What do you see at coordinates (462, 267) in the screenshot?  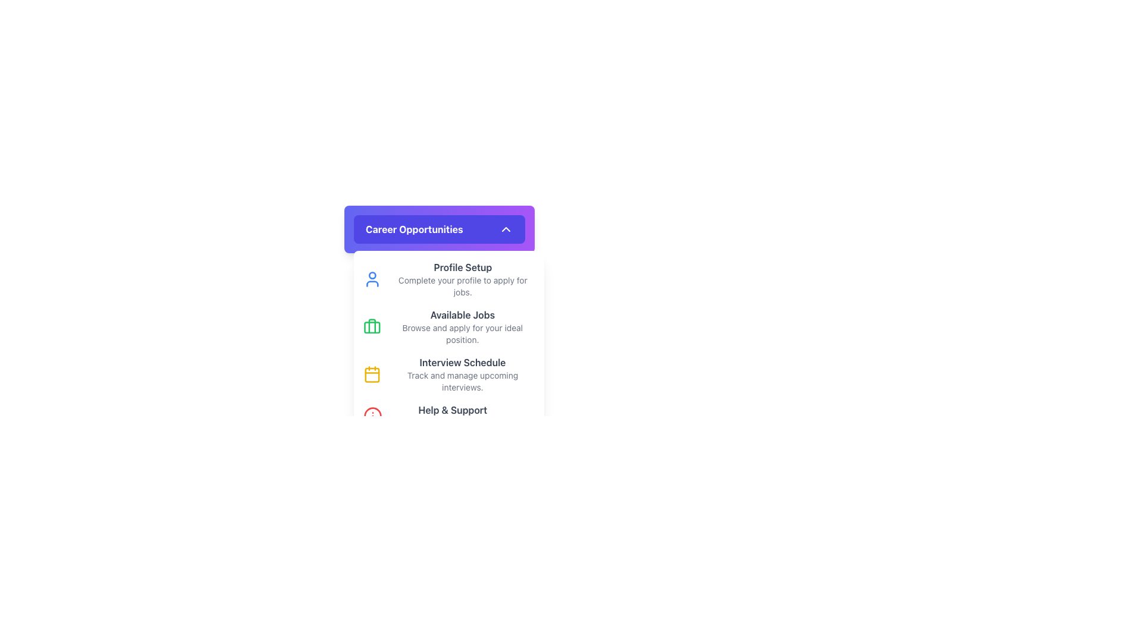 I see `the 'Profile Setup' text, which is the first item in a dropdown list under the 'Career Opportunities' button, prominently styled in bold dark gray on a light background` at bounding box center [462, 267].